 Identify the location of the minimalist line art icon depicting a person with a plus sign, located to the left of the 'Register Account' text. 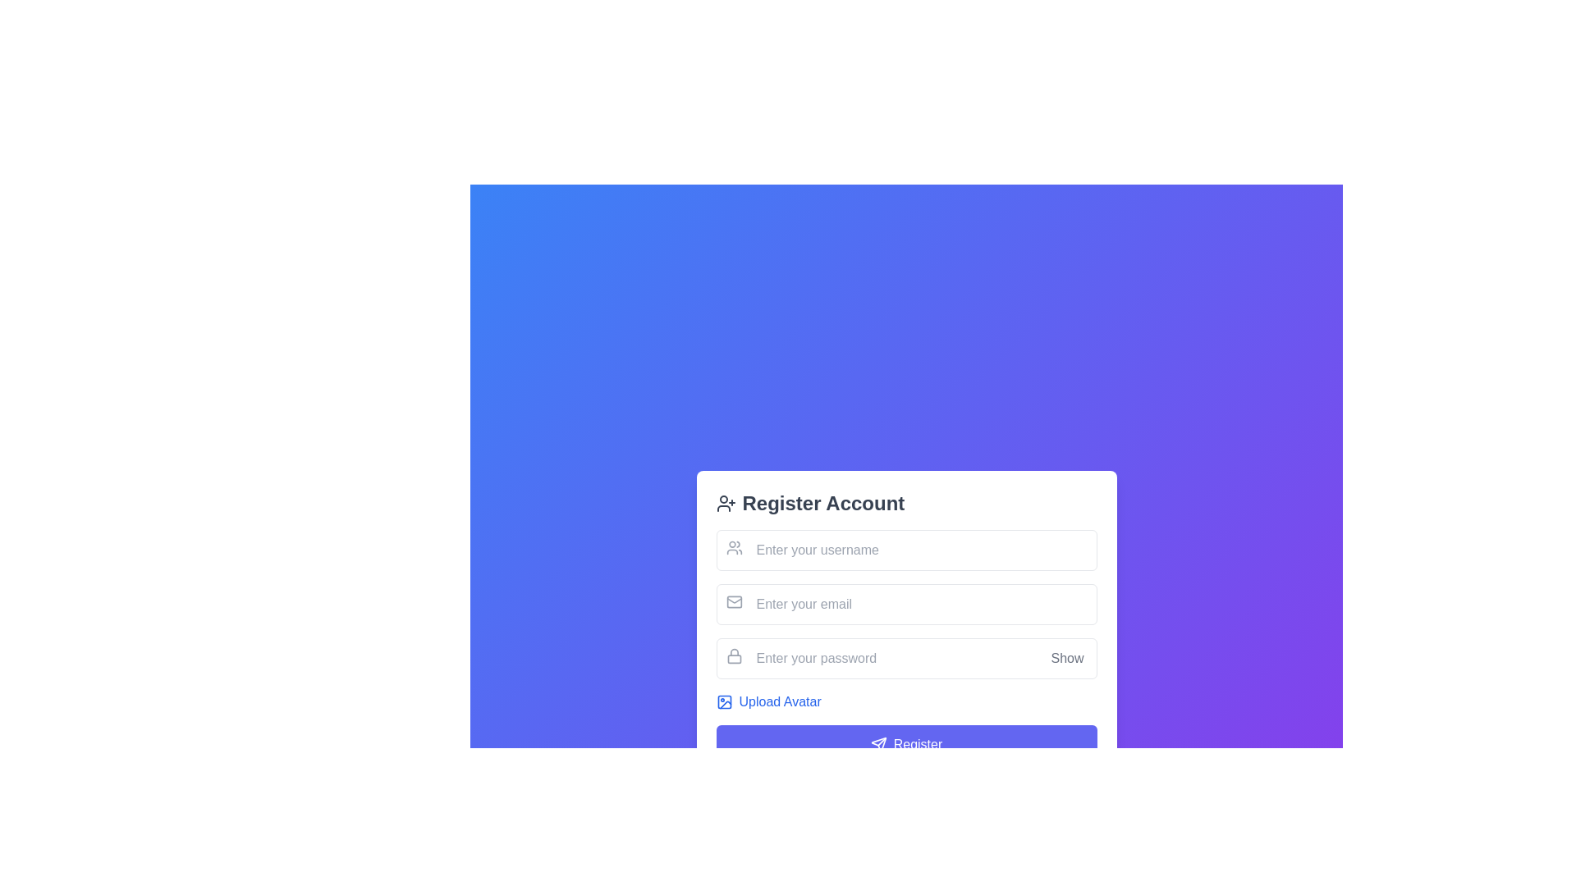
(725, 502).